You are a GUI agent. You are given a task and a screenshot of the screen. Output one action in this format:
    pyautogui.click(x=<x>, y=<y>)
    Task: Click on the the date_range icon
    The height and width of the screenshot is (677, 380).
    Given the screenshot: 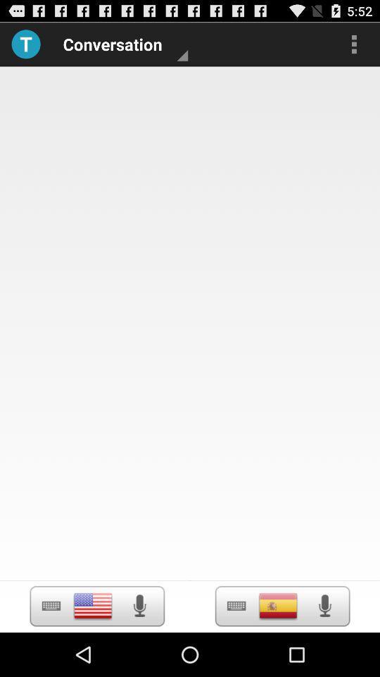 What is the action you would take?
    pyautogui.click(x=236, y=649)
    